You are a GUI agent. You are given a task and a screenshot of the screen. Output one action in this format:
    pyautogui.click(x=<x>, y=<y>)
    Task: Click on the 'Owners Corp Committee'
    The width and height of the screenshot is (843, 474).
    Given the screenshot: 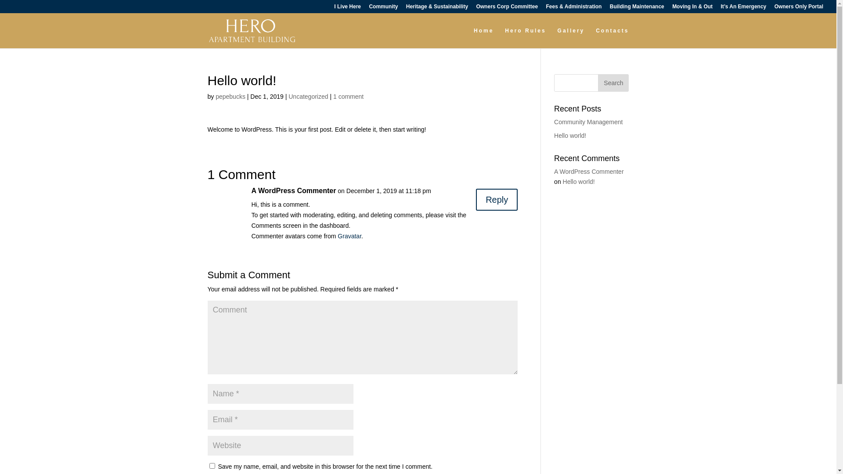 What is the action you would take?
    pyautogui.click(x=507, y=8)
    